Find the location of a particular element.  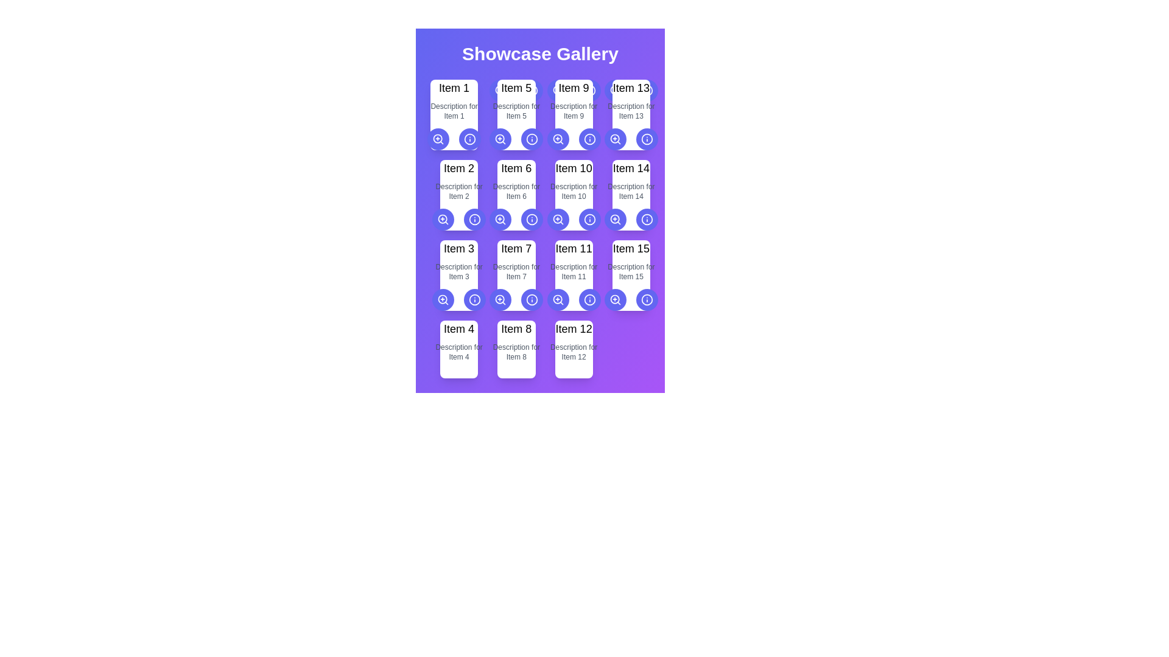

the decorative circle that represents the lens of the magnifying glass icon in the 'zoom-in' SVG graphic, located near the 'Item 5' card is located at coordinates (500, 138).